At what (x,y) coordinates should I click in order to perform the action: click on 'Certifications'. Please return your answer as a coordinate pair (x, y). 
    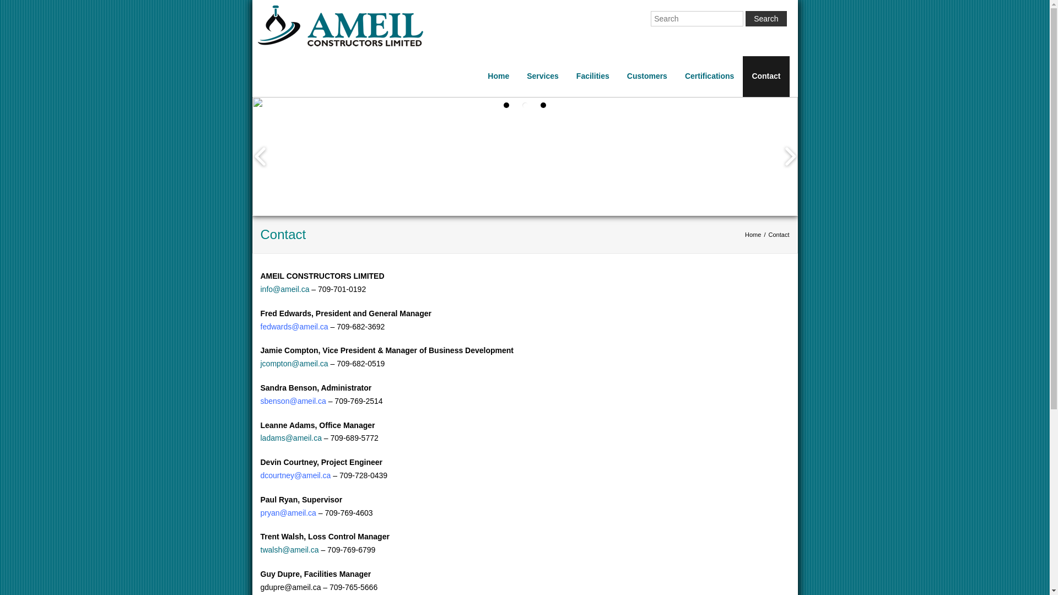
    Looking at the image, I should click on (709, 75).